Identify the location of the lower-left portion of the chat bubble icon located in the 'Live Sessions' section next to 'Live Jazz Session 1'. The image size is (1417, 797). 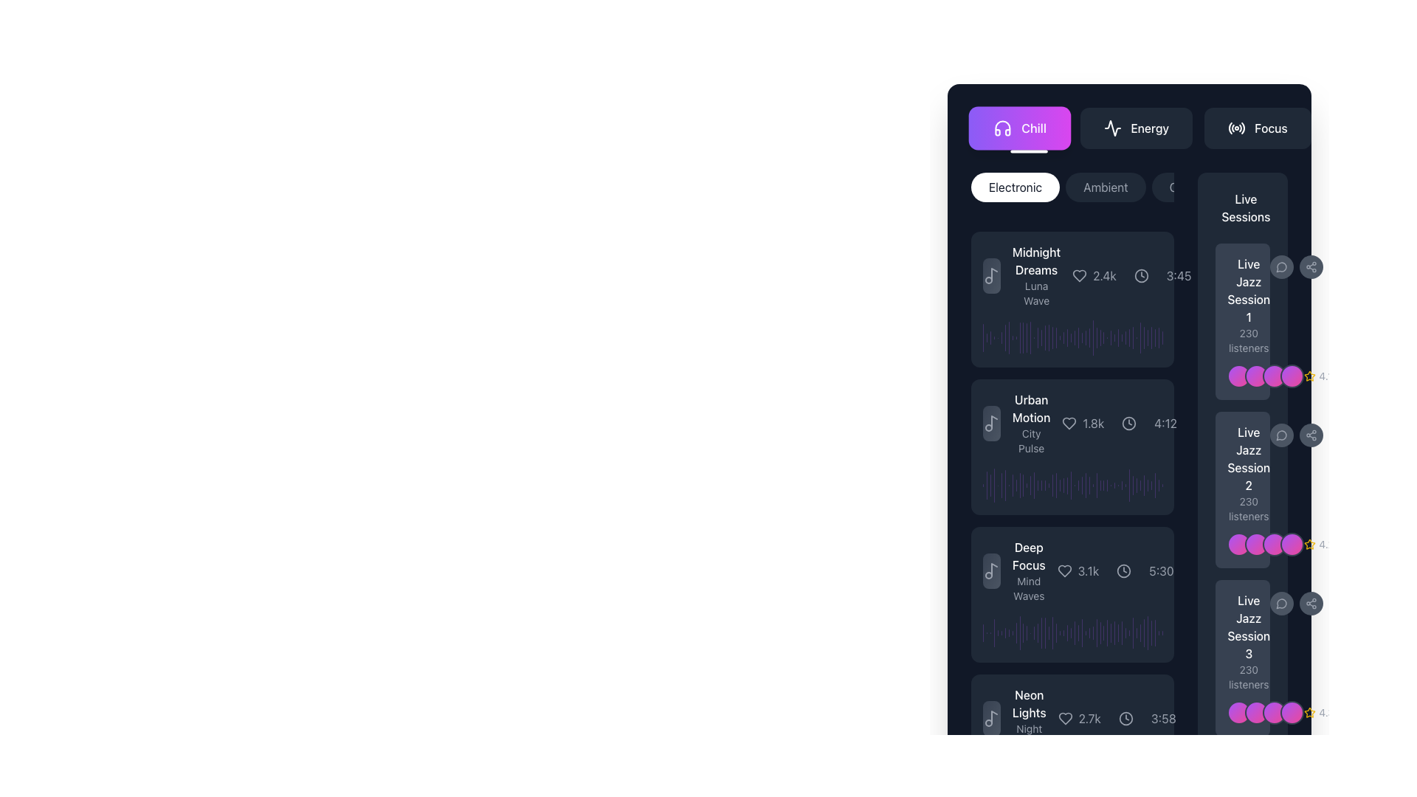
(1280, 267).